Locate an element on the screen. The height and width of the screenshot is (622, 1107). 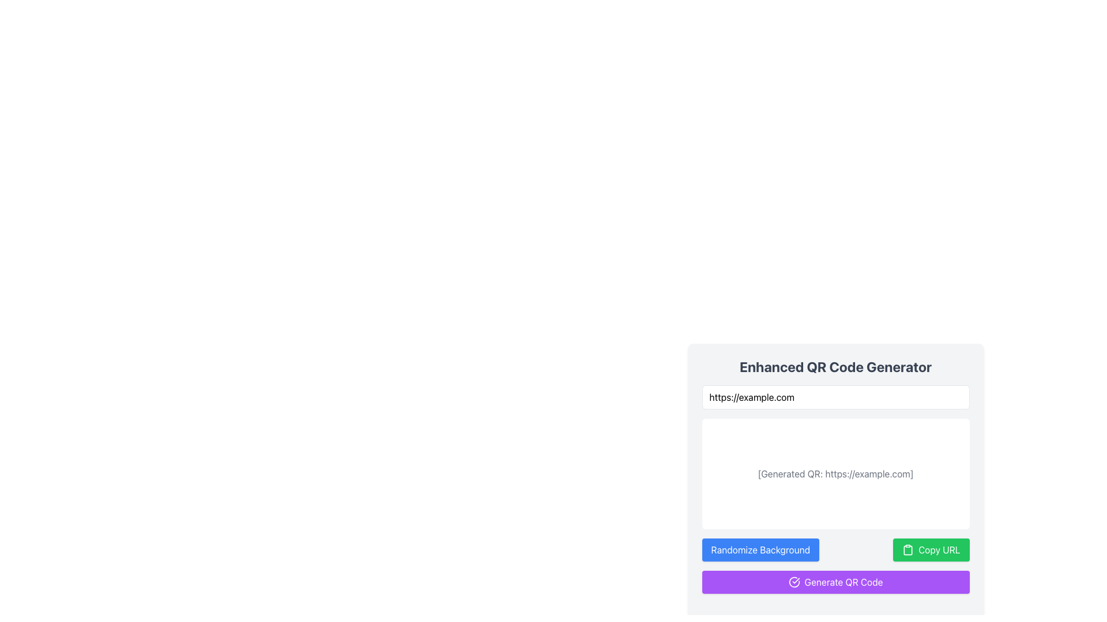
the small clipboard icon with a green background located to the left of the 'Copy URL' text label in the user interface is located at coordinates (908, 549).